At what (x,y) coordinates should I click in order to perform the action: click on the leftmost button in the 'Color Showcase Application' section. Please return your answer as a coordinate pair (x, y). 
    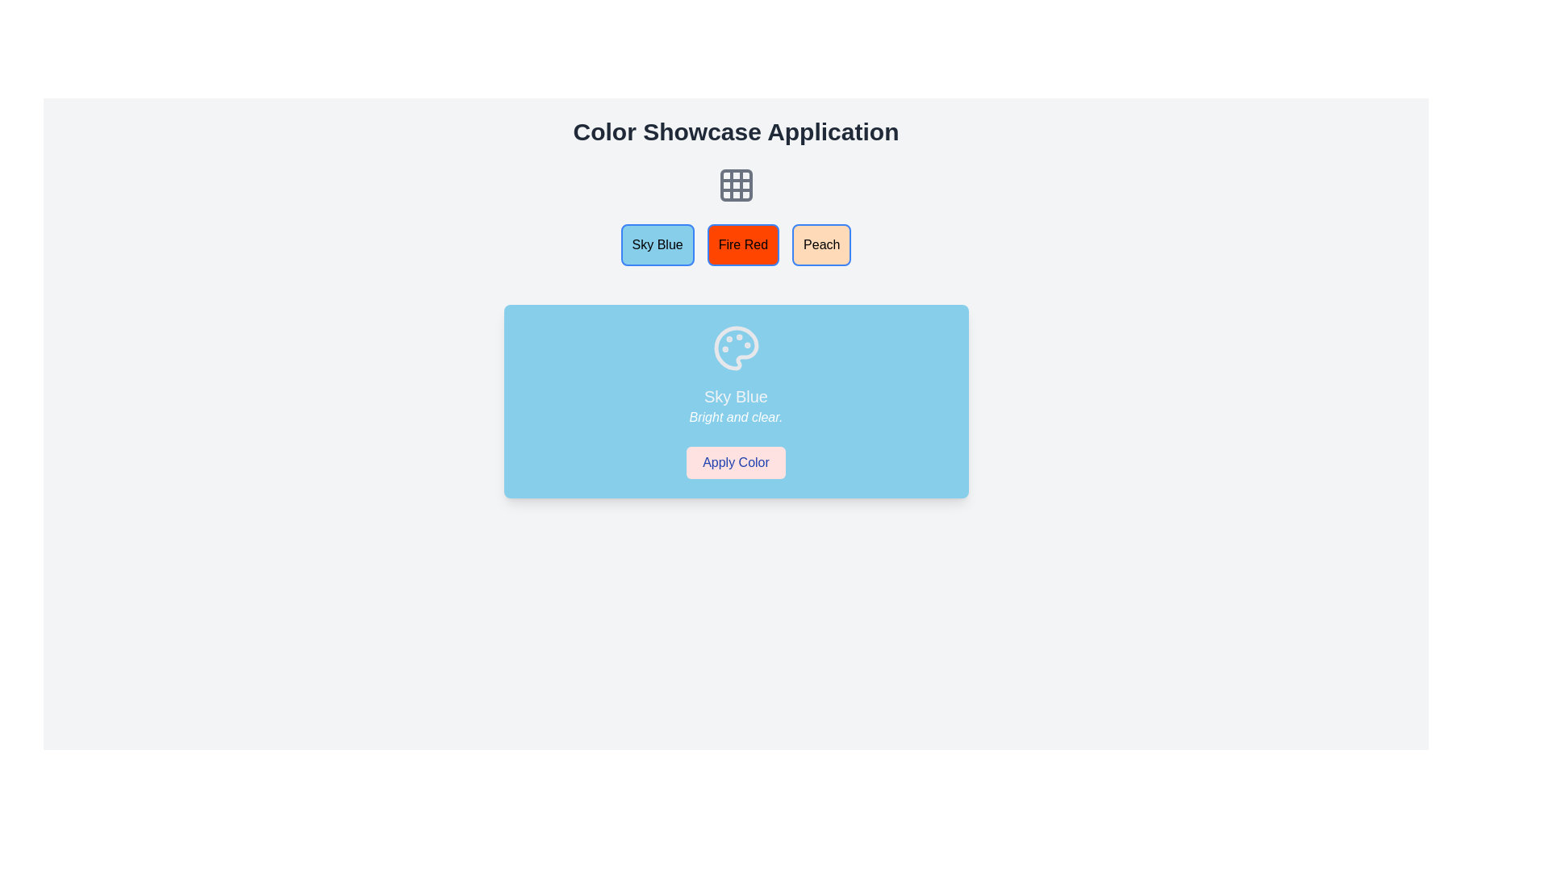
    Looking at the image, I should click on (658, 245).